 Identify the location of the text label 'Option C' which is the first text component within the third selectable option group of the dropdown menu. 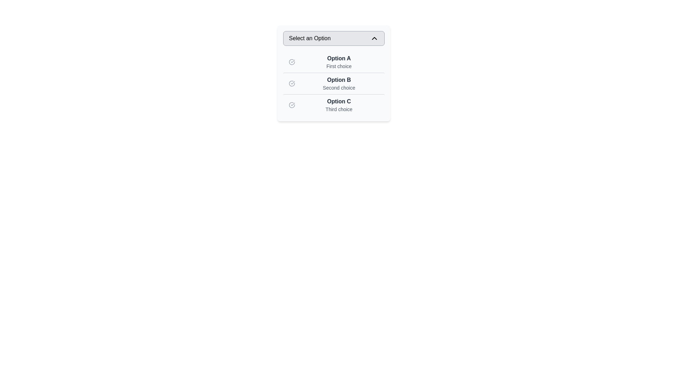
(339, 102).